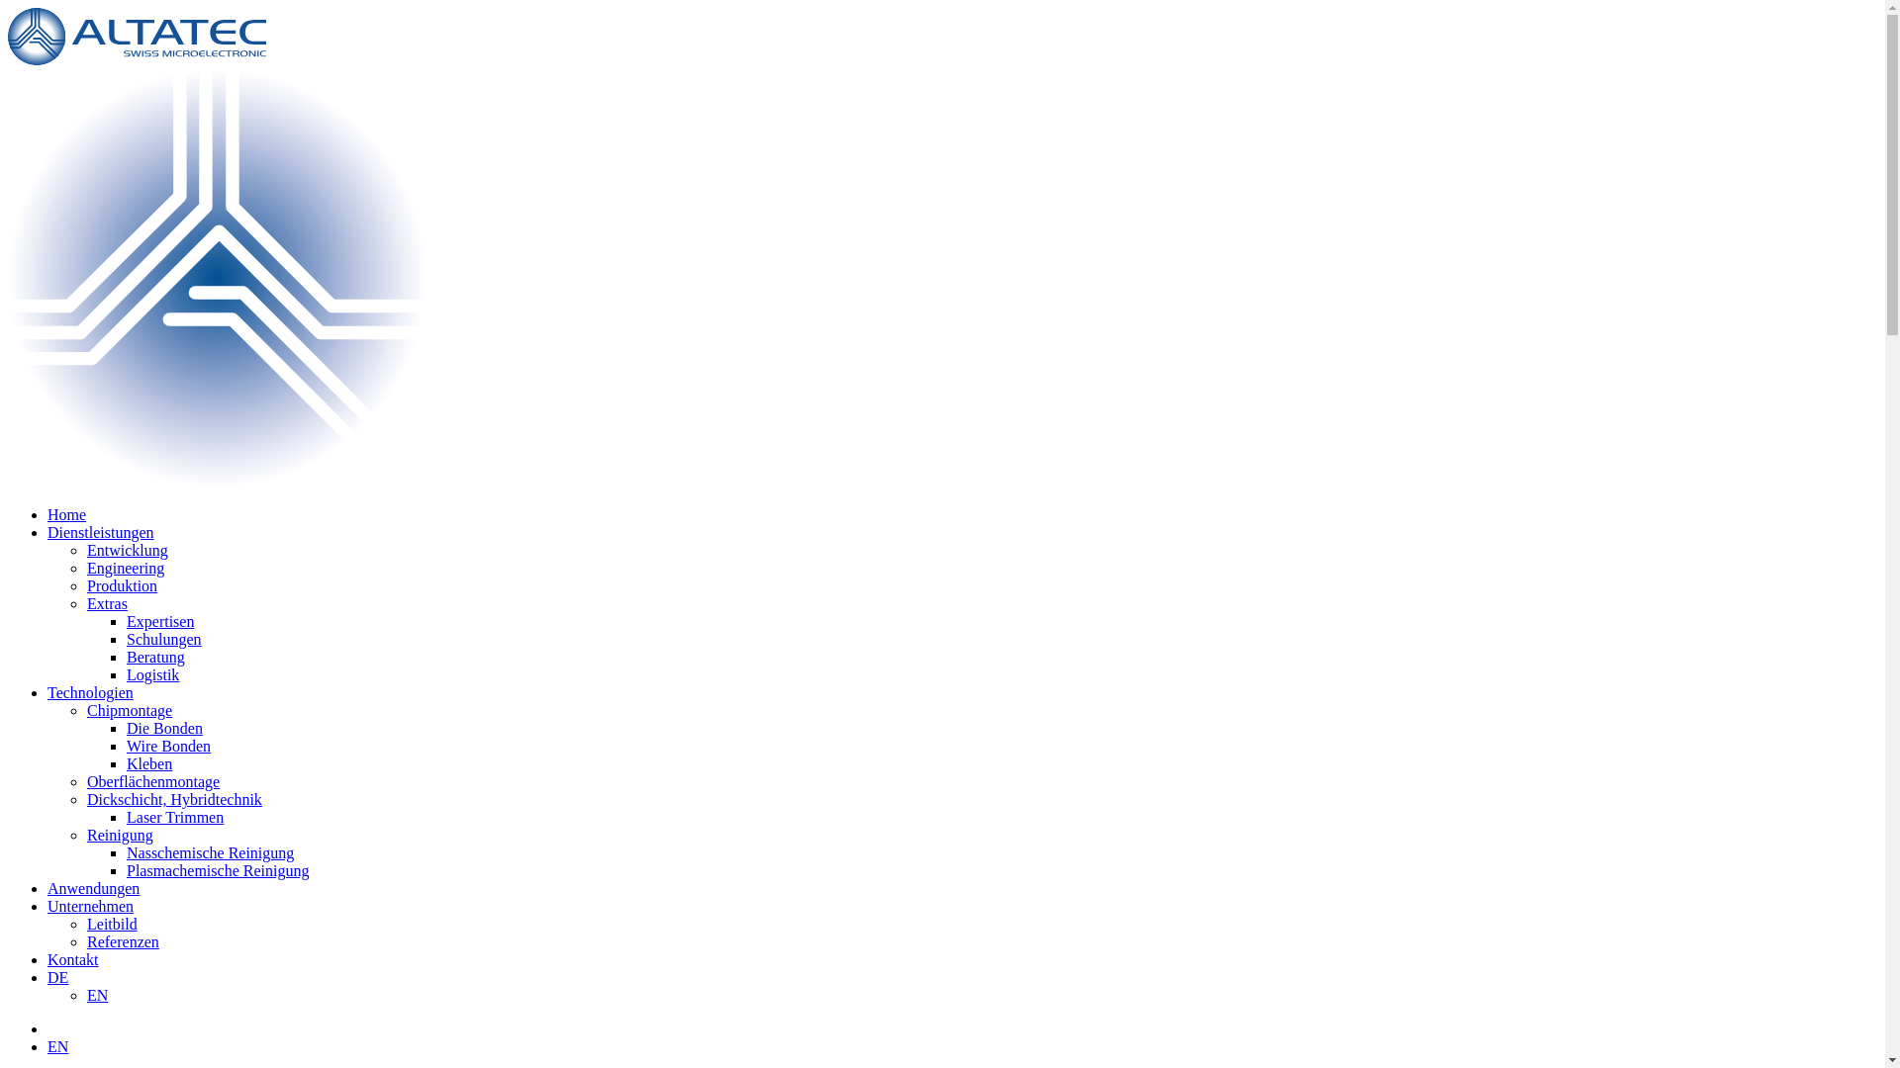 Image resolution: width=1900 pixels, height=1068 pixels. I want to click on 'Die Bonden', so click(164, 728).